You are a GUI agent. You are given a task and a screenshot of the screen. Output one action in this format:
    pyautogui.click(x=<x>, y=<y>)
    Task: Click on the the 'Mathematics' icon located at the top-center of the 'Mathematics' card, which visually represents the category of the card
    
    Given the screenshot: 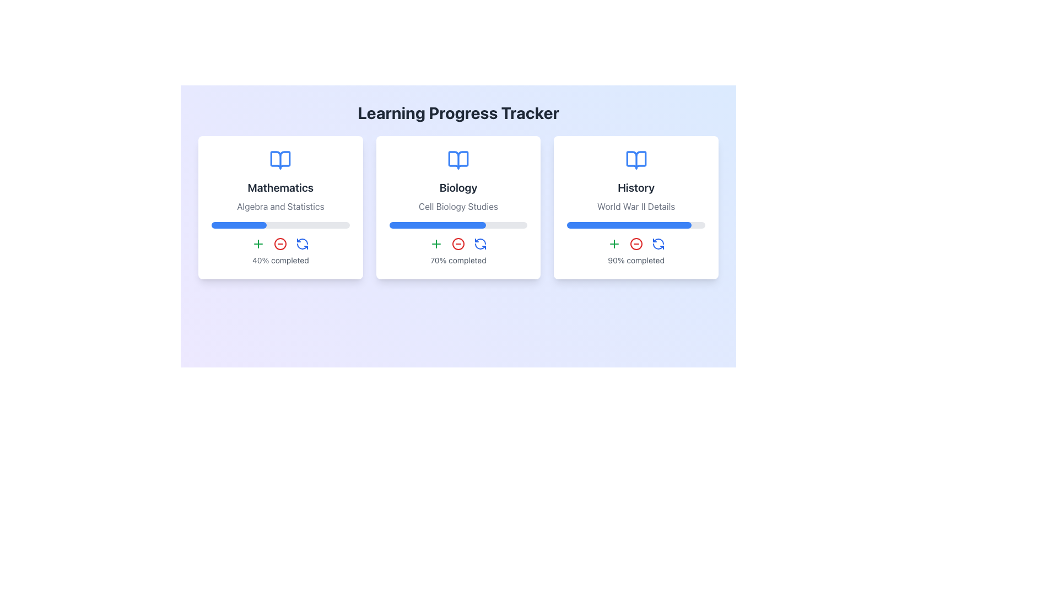 What is the action you would take?
    pyautogui.click(x=280, y=160)
    